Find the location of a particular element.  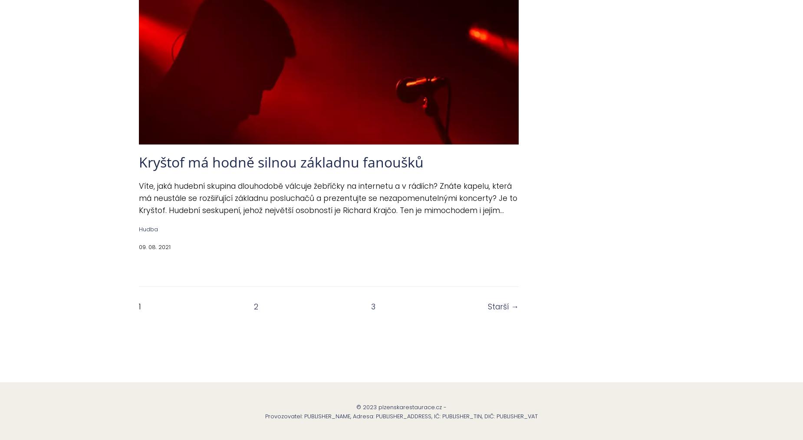

'Hudba' is located at coordinates (138, 229).